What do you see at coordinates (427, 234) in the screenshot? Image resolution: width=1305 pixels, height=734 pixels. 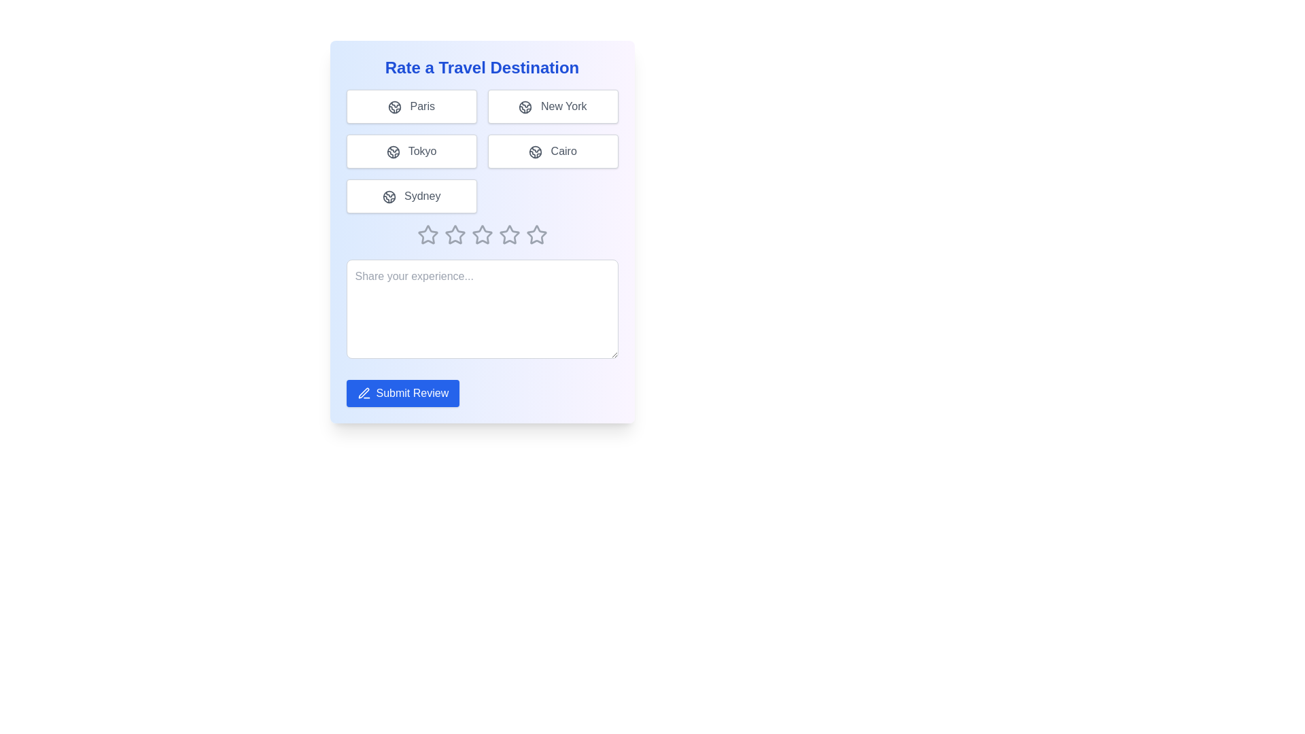 I see `the first gray, hollow star icon in the row of rating stars located directly beneath the text input field with the placeholder 'Share your experience...' to rate it` at bounding box center [427, 234].